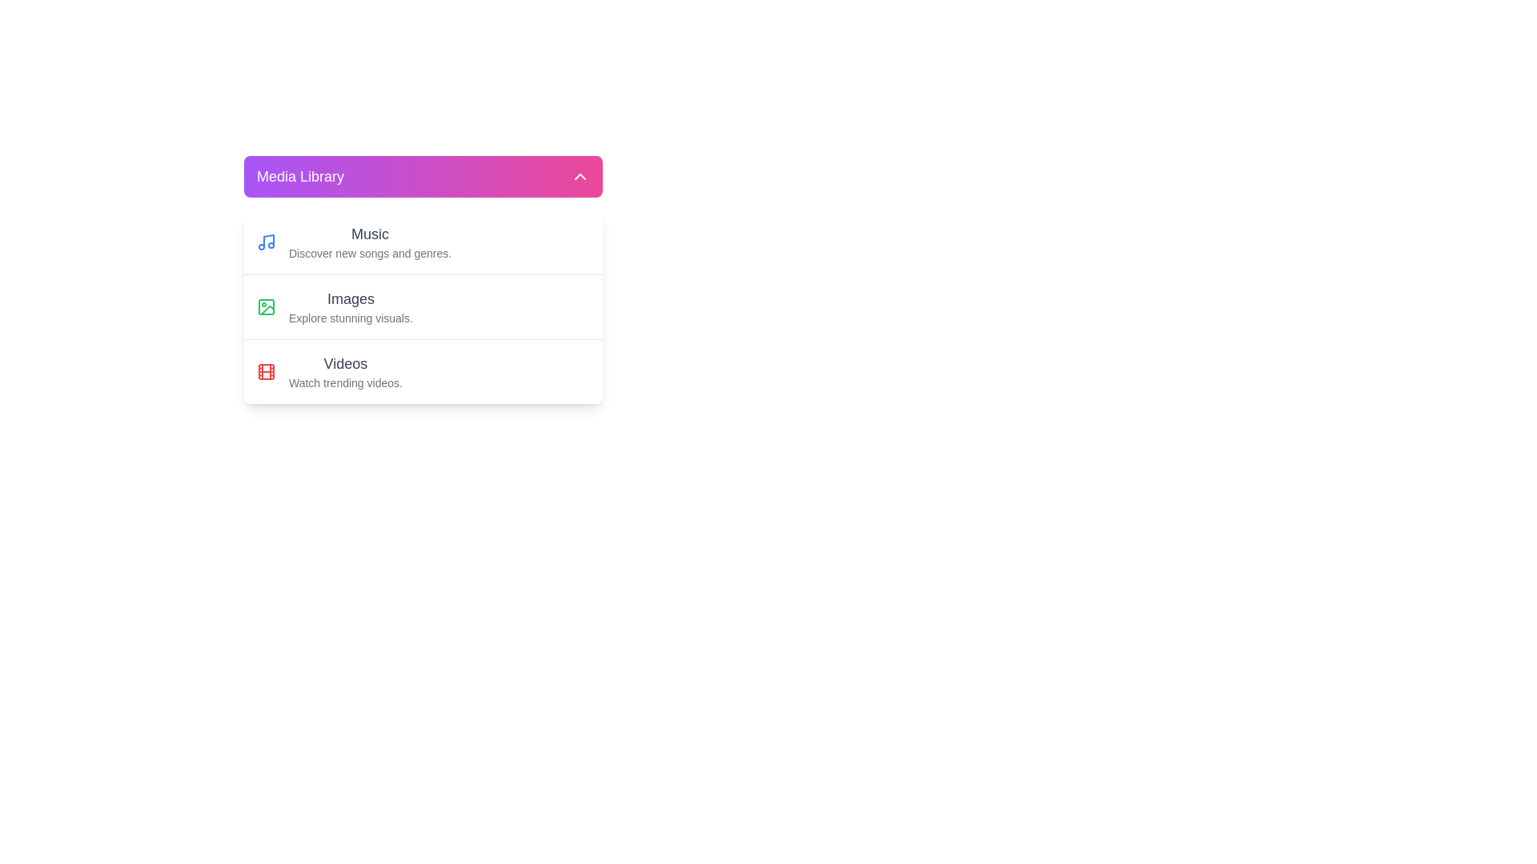 Image resolution: width=1537 pixels, height=864 pixels. What do you see at coordinates (345, 364) in the screenshot?
I see `the 'Videos' label, which is styled with a large gray font and positioned in the Media Library below 'Images'` at bounding box center [345, 364].